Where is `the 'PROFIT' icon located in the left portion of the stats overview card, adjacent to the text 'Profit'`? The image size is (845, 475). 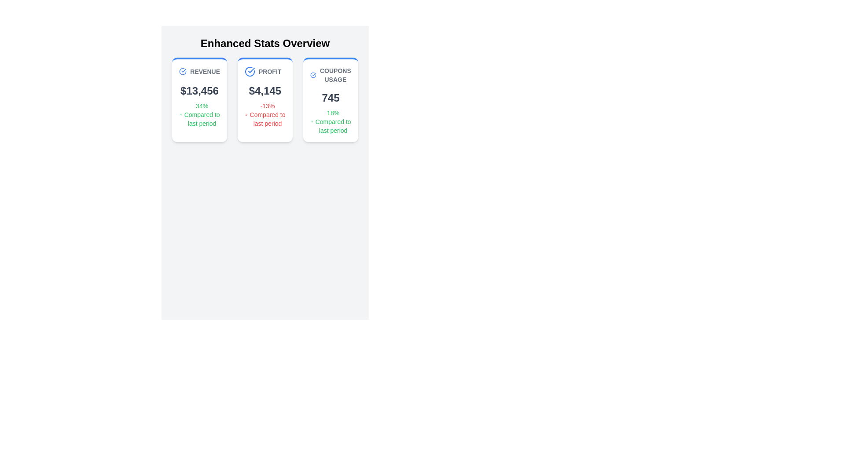 the 'PROFIT' icon located in the left portion of the stats overview card, adjacent to the text 'Profit' is located at coordinates (249, 71).